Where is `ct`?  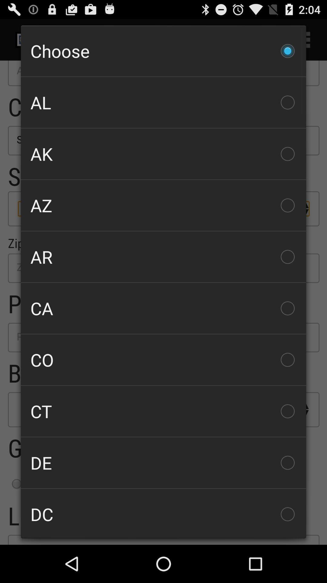
ct is located at coordinates (163, 411).